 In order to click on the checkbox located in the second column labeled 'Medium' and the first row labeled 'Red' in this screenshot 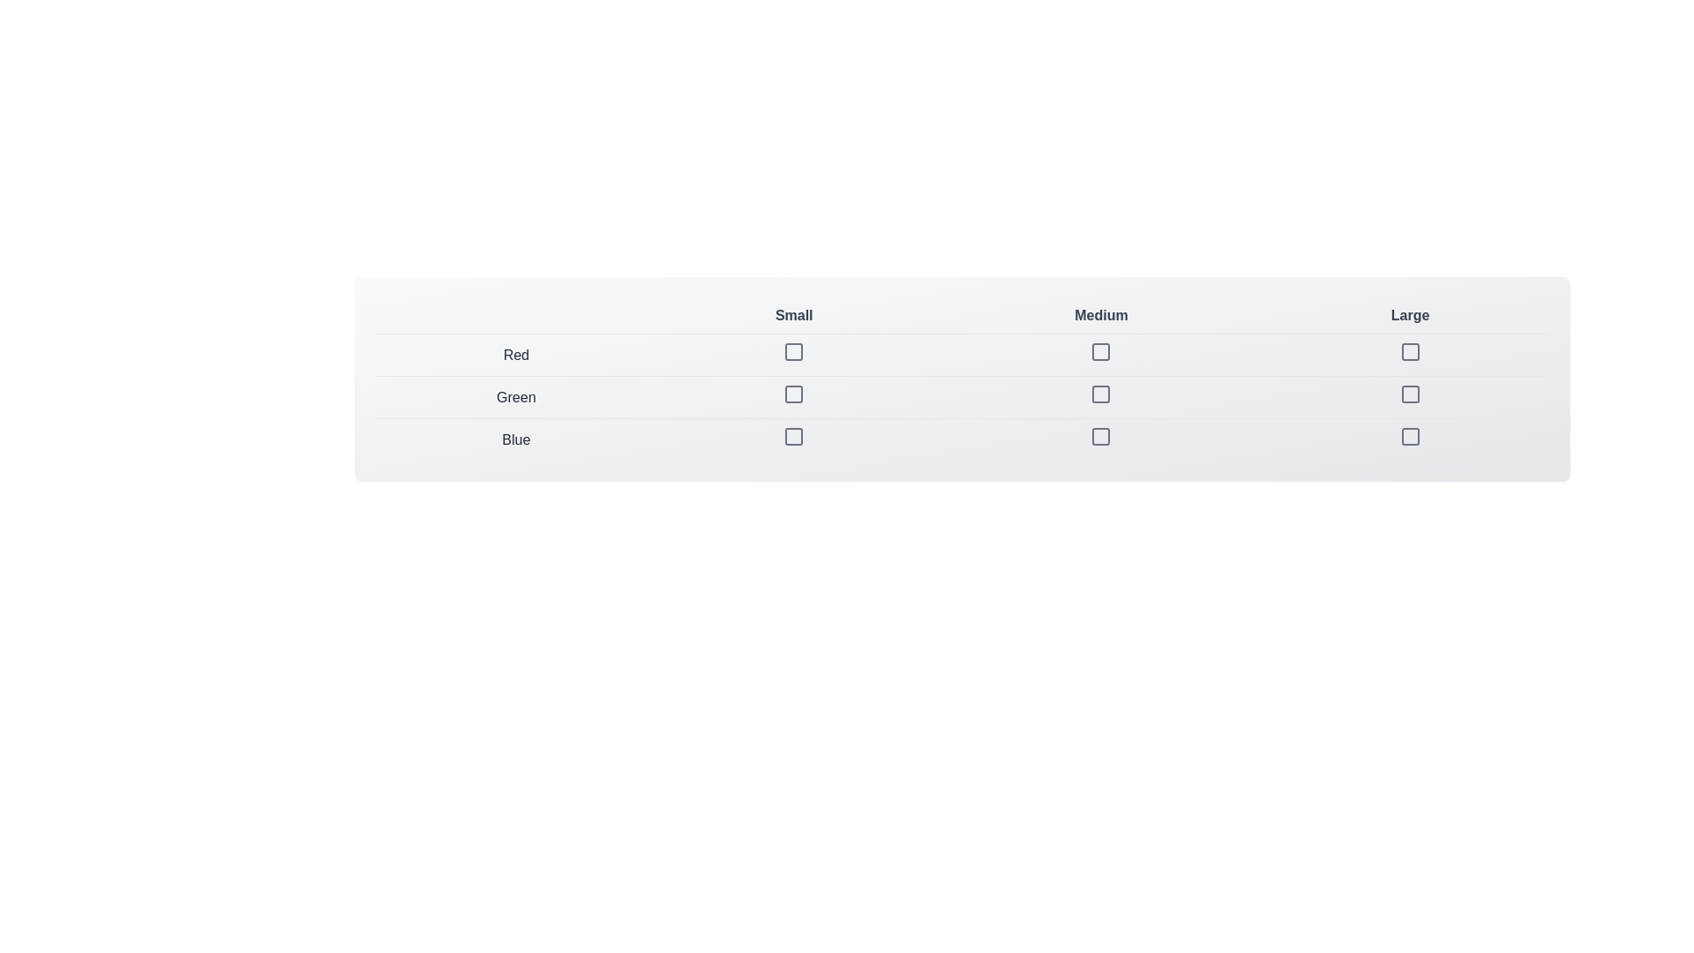, I will do `click(1100, 351)`.